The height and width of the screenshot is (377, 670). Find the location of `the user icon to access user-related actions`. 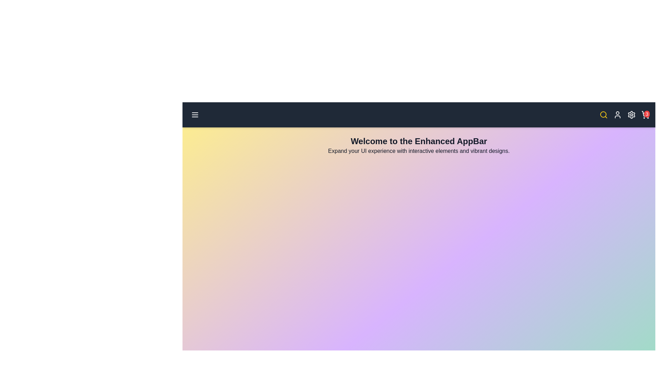

the user icon to access user-related actions is located at coordinates (618, 114).